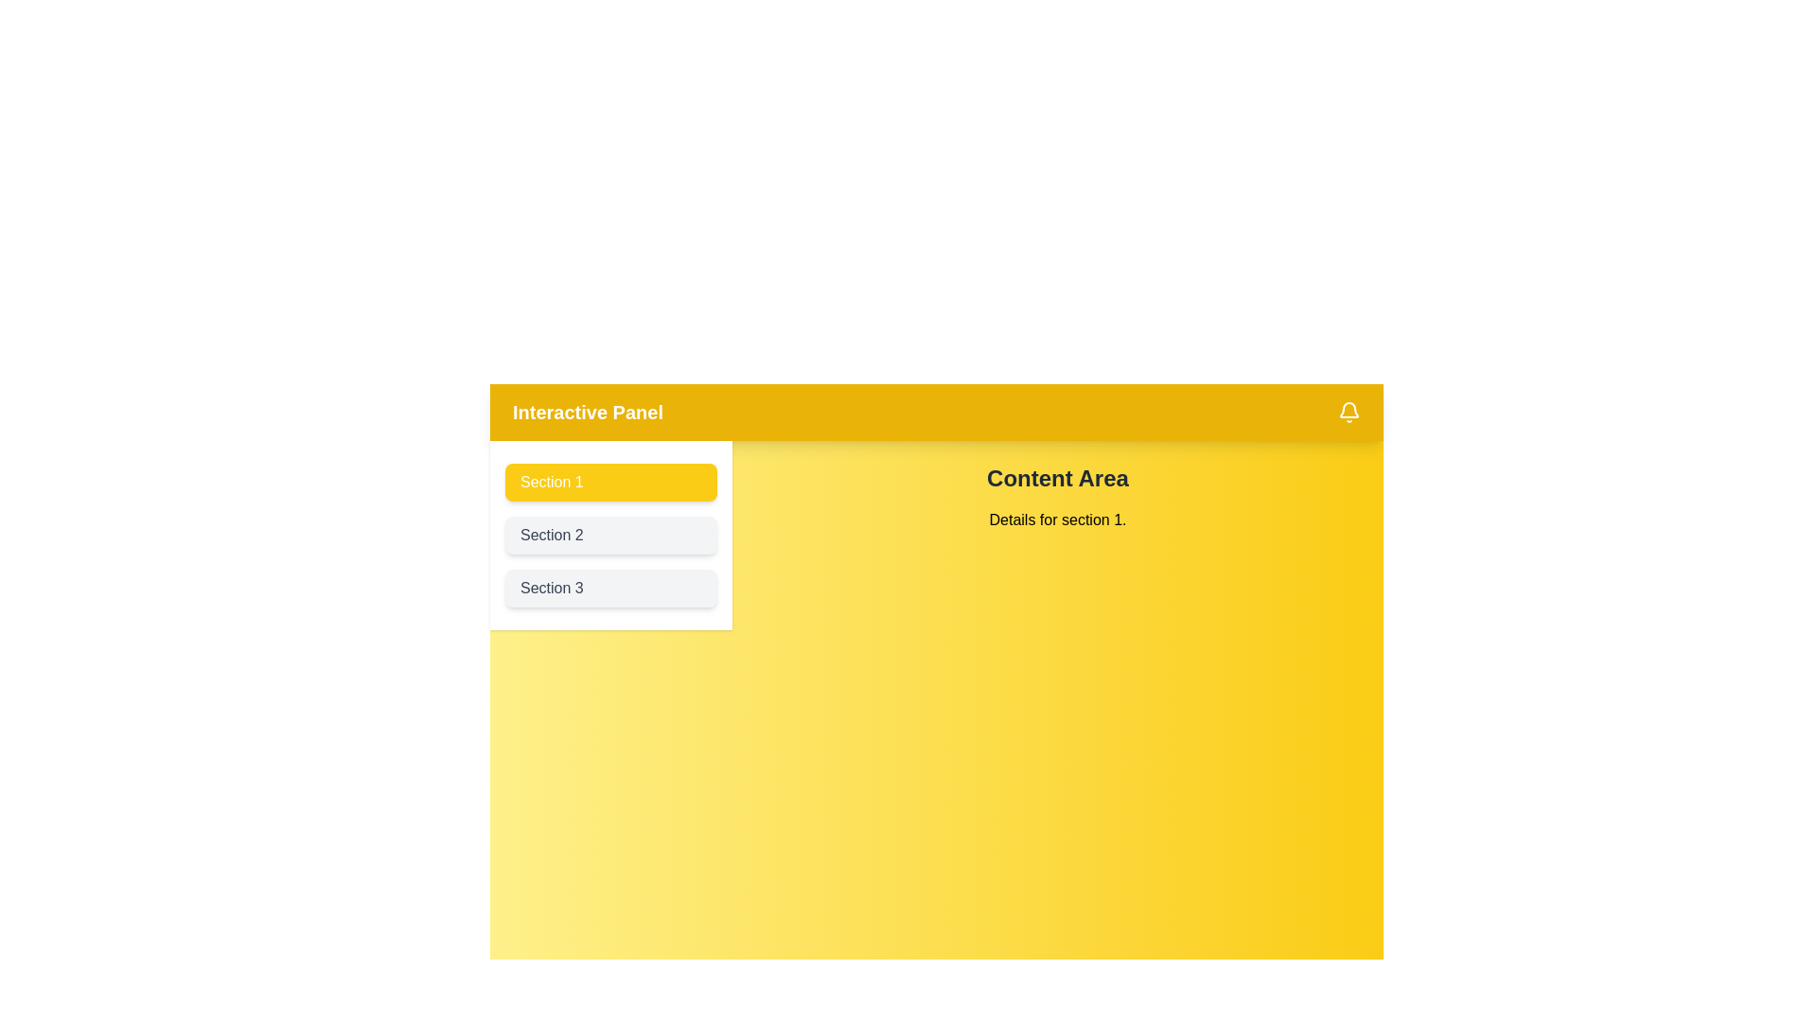 This screenshot has height=1022, width=1817. I want to click on the 'Section 2' text label within the selectable list item located, so click(551, 535).